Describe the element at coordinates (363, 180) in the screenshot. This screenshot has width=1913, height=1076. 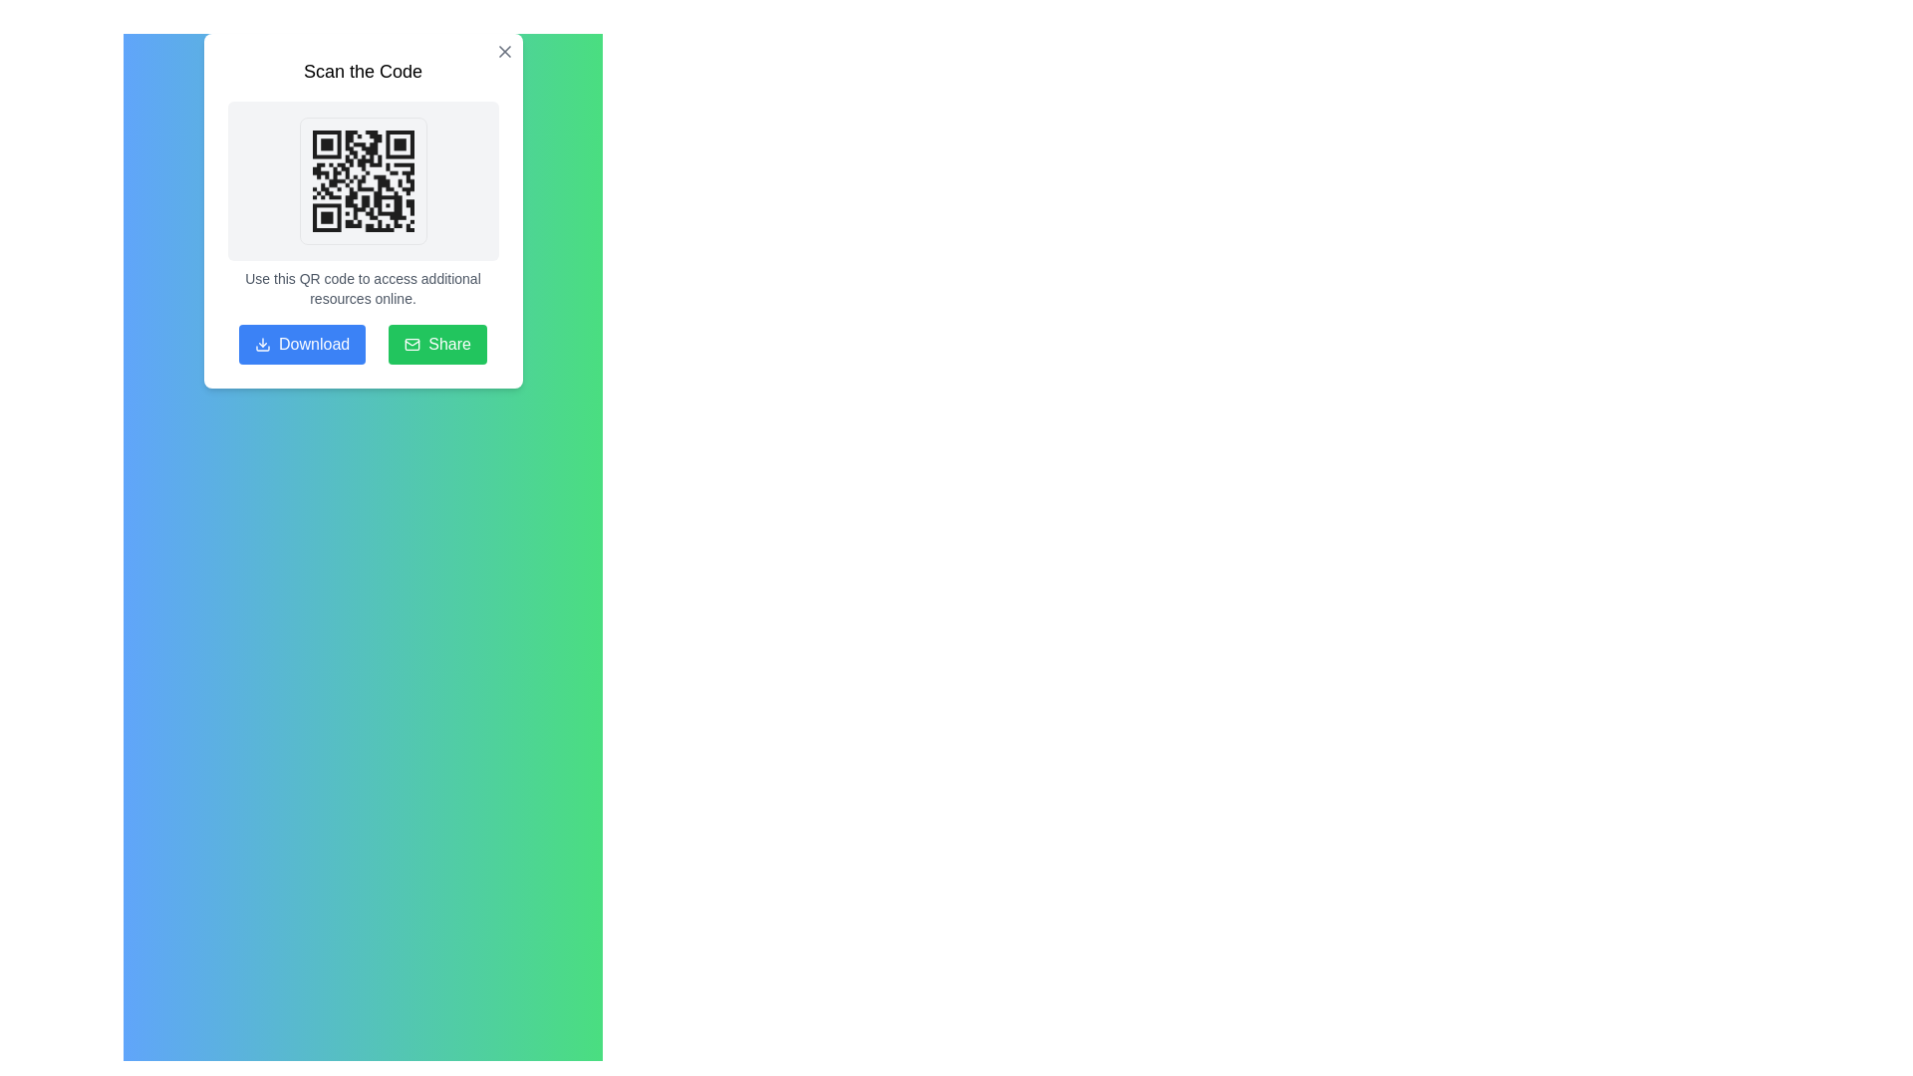
I see `the QR code element, which is a square format image with a black and white pixelated pattern, located in the center of a light gray rounded rectangle within a modal box` at that location.